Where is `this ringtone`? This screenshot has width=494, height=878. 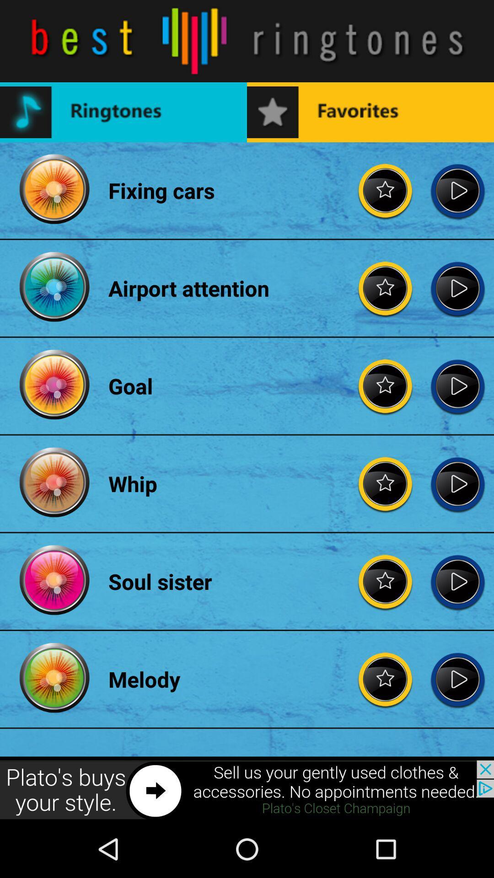 this ringtone is located at coordinates (457, 679).